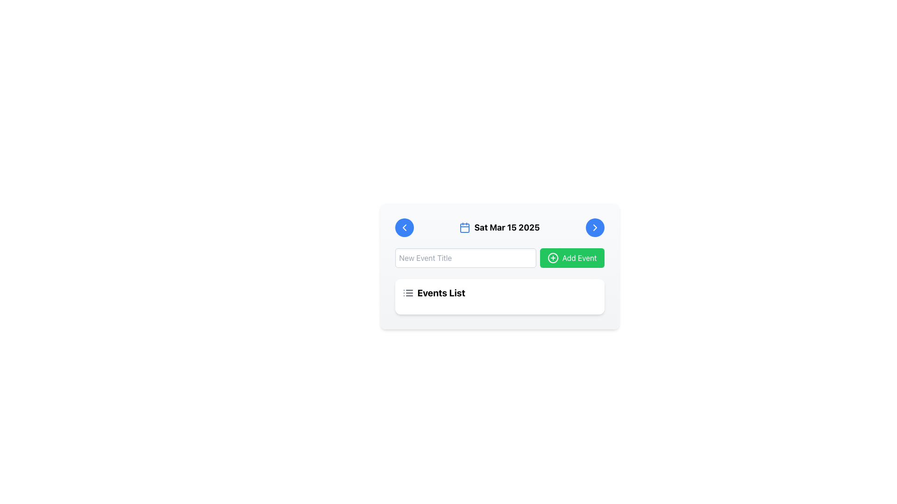 The image size is (897, 504). Describe the element at coordinates (571, 258) in the screenshot. I see `the 'Add Event' button with rounded corners and a green background to activate its hover styles` at that location.